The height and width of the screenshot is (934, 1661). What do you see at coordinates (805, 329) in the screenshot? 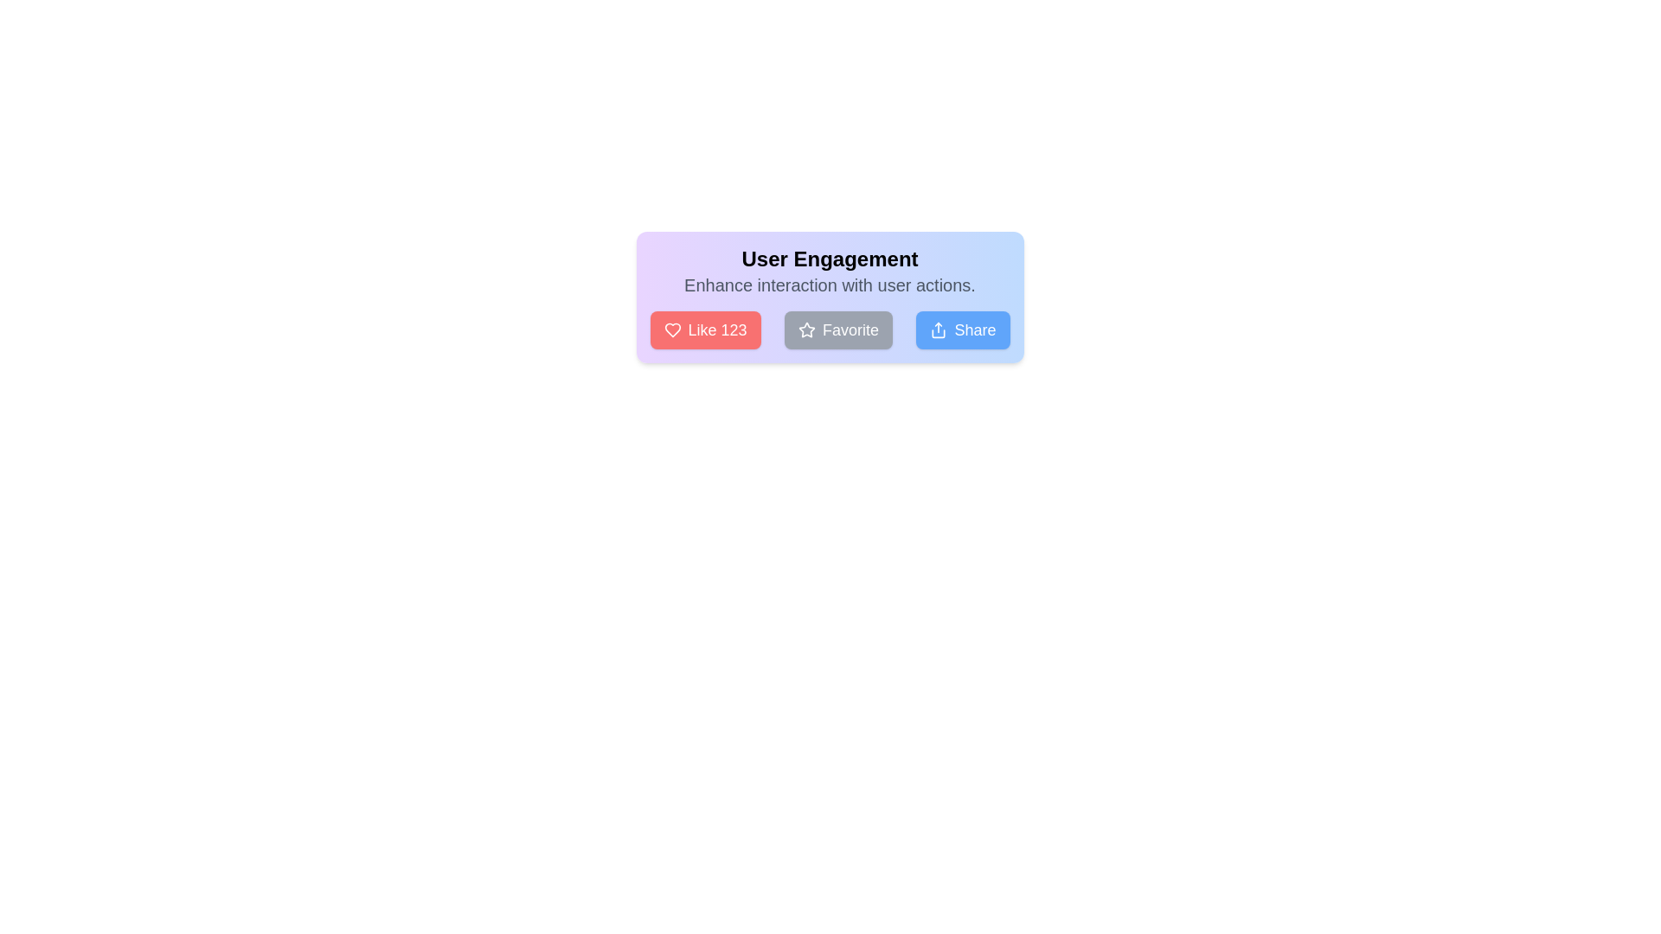
I see `the hollow outline star icon within the 'Favorite' button located in the 'User Engagement' card` at bounding box center [805, 329].